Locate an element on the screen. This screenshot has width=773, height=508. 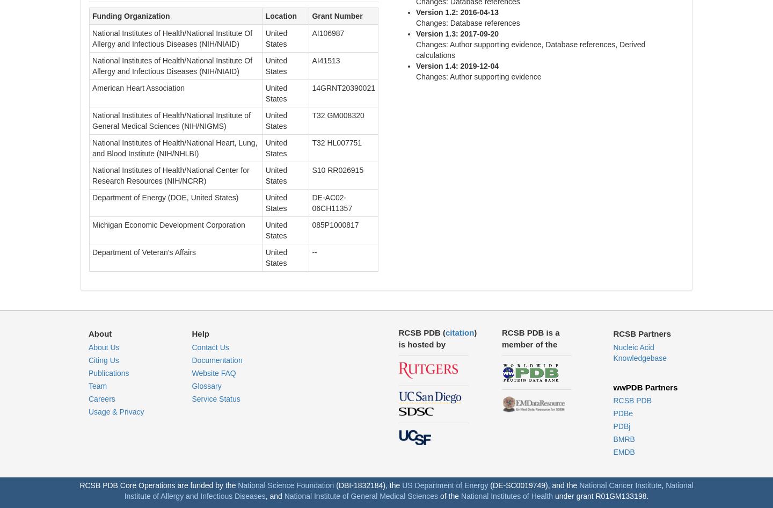
'National Institute of Allergy and Infectious Diseases' is located at coordinates (123, 490).